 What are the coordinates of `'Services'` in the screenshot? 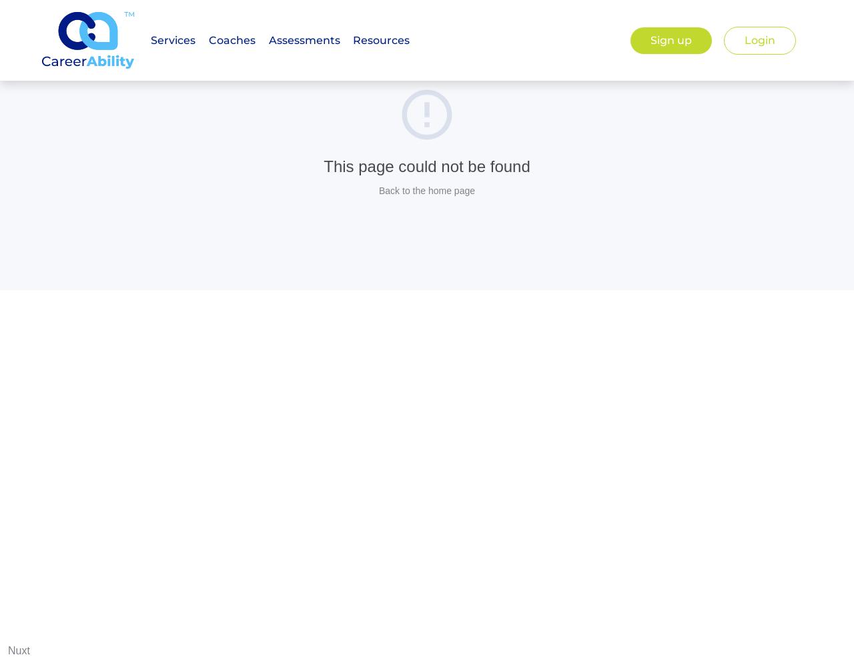 It's located at (172, 39).